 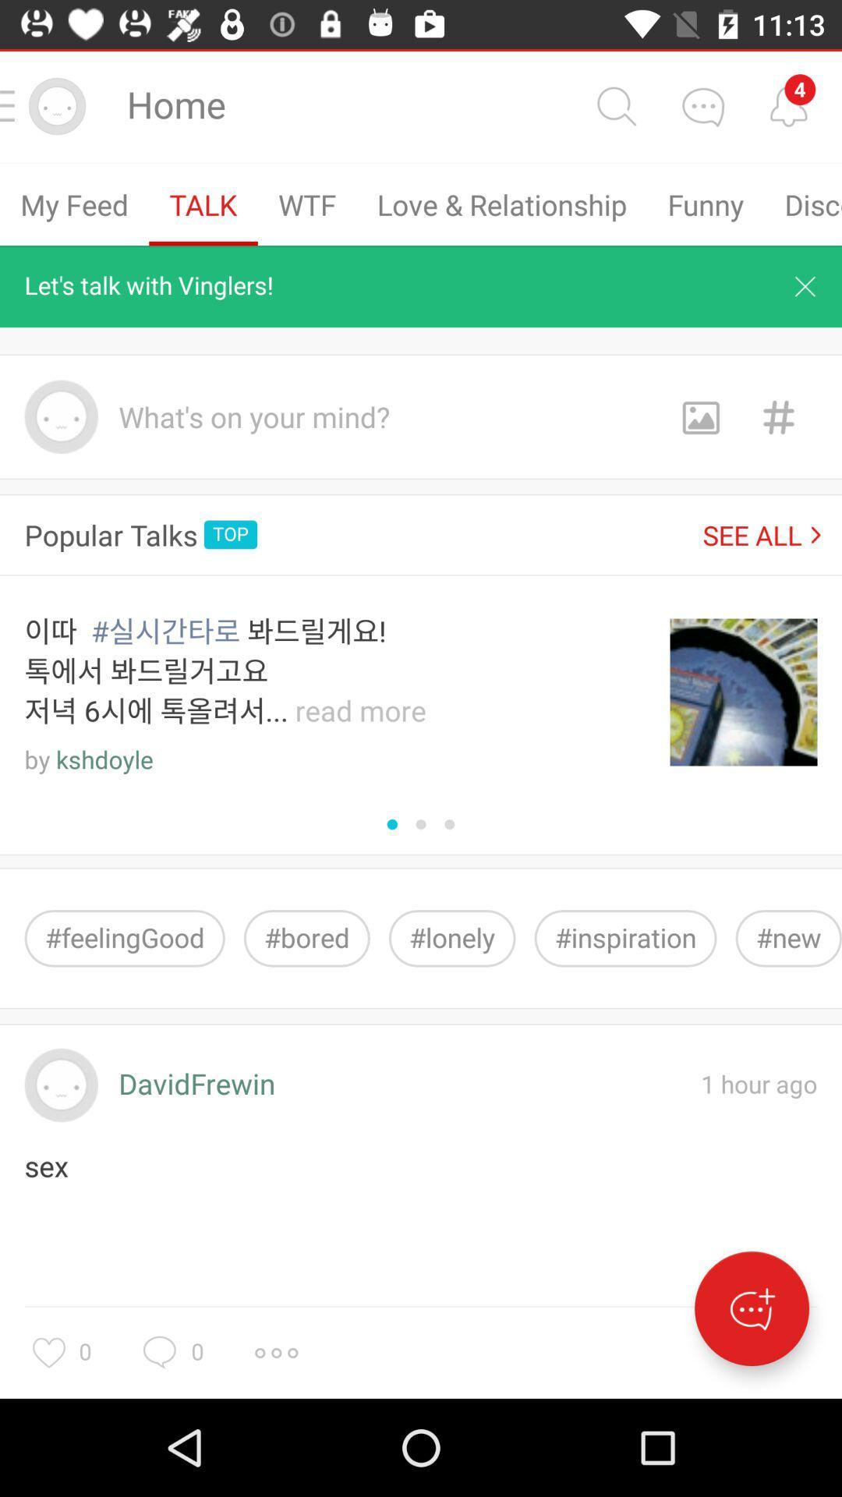 What do you see at coordinates (788, 105) in the screenshot?
I see `notifications` at bounding box center [788, 105].